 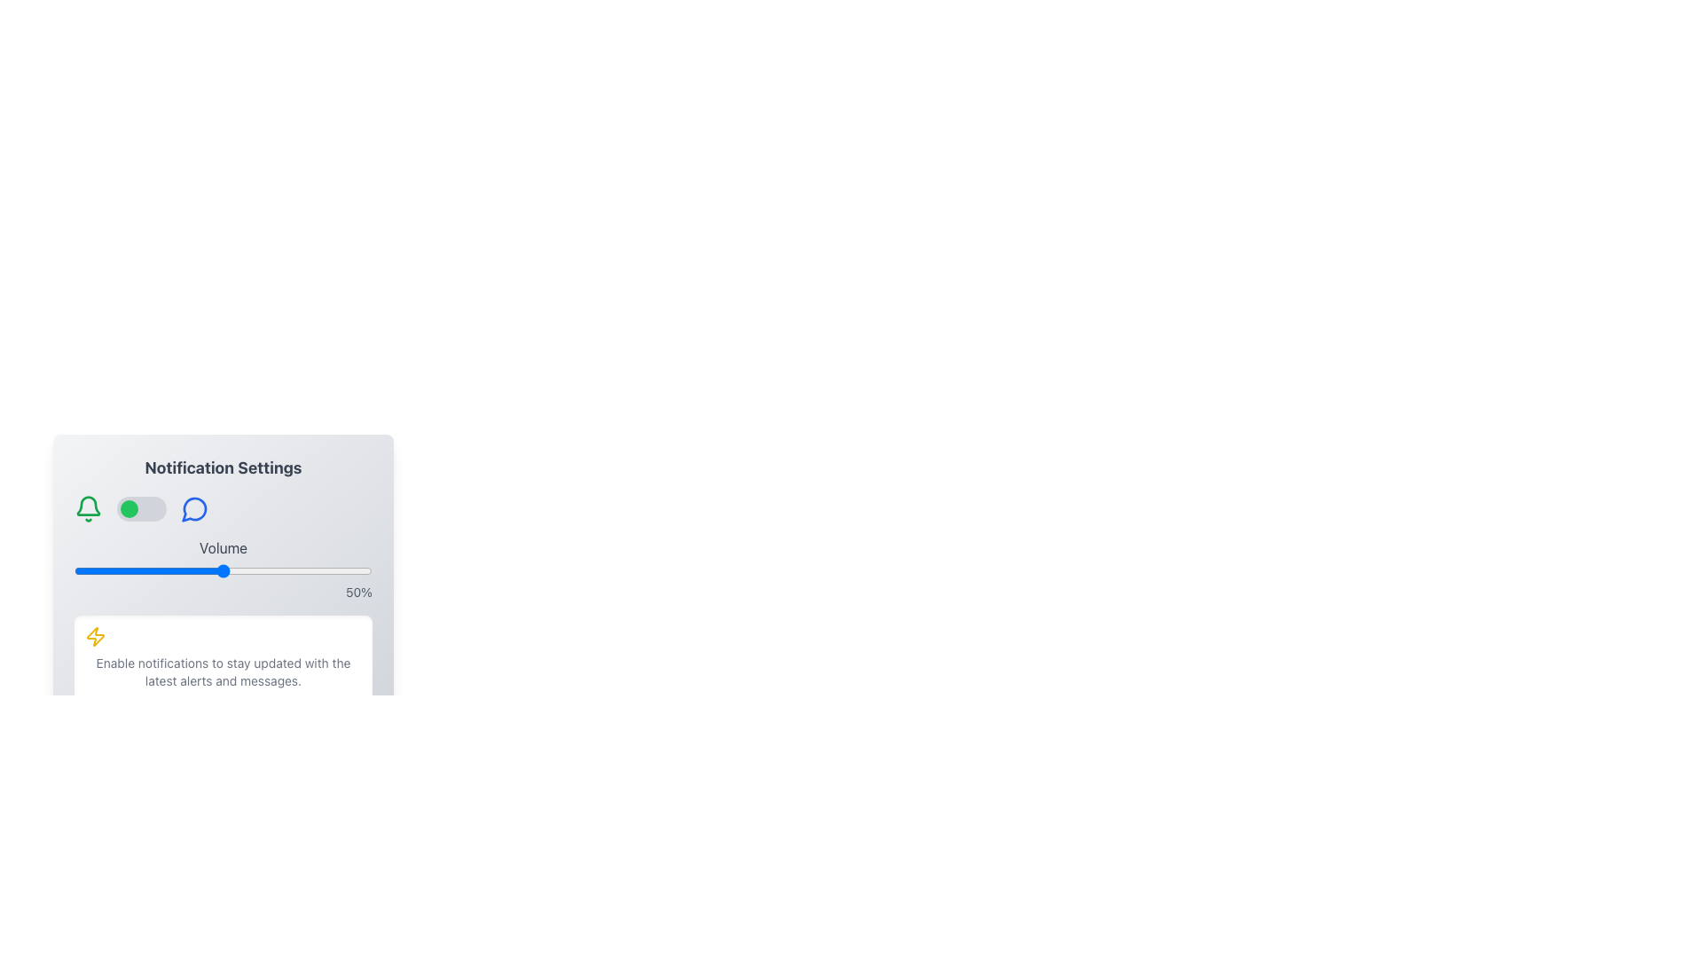 What do you see at coordinates (158, 571) in the screenshot?
I see `the volume` at bounding box center [158, 571].